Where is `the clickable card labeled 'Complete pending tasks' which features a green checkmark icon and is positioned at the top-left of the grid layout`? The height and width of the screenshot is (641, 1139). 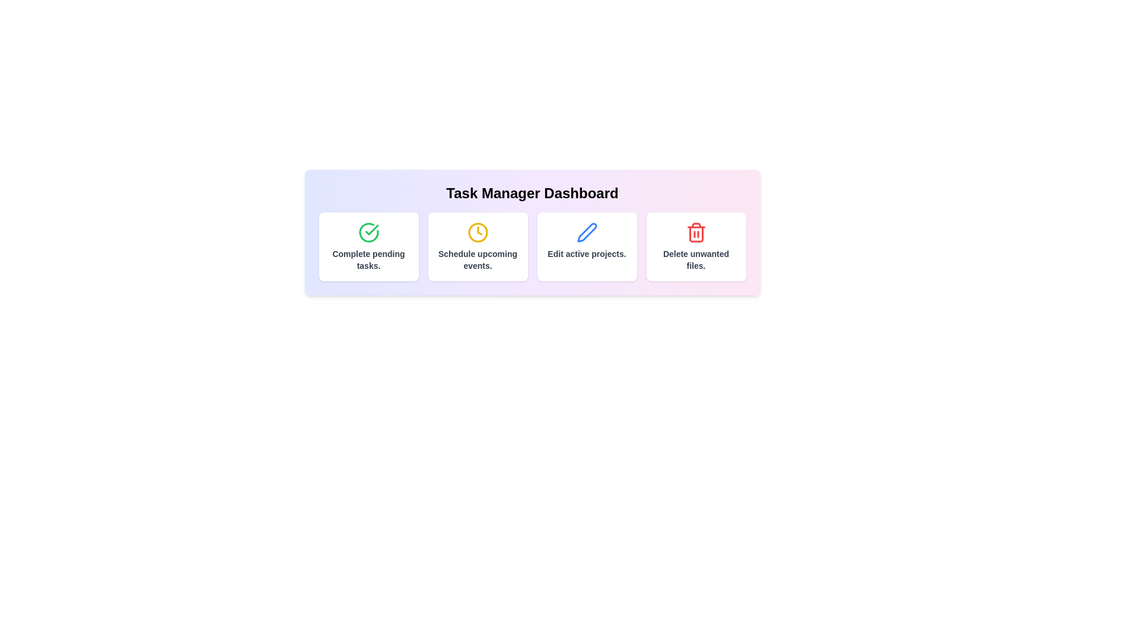 the clickable card labeled 'Complete pending tasks' which features a green checkmark icon and is positioned at the top-left of the grid layout is located at coordinates (368, 246).